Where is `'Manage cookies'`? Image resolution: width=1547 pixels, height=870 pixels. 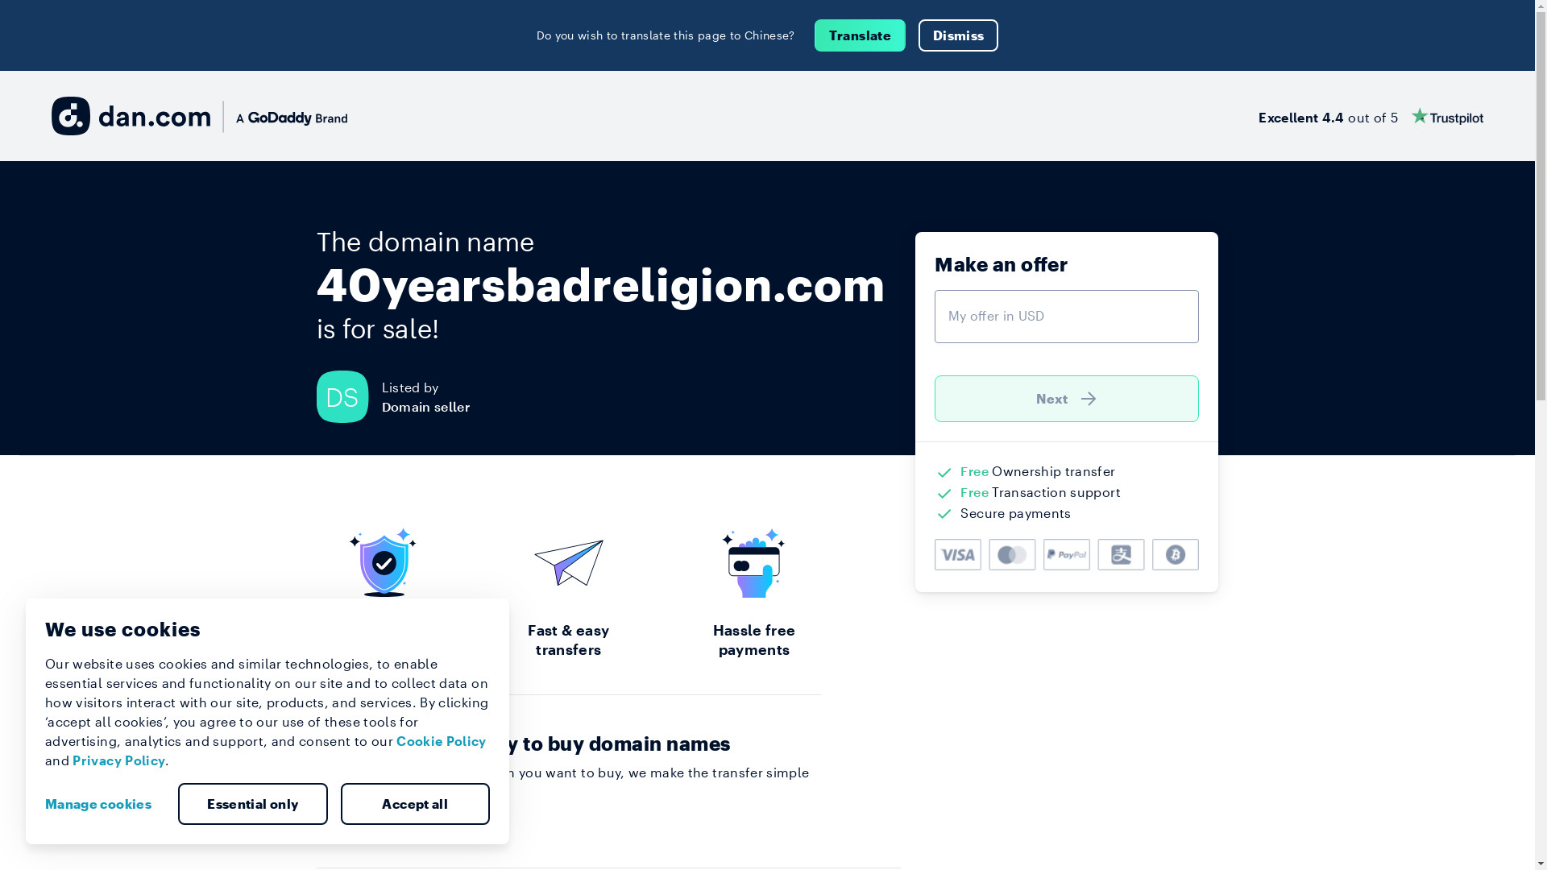 'Manage cookies' is located at coordinates (103, 804).